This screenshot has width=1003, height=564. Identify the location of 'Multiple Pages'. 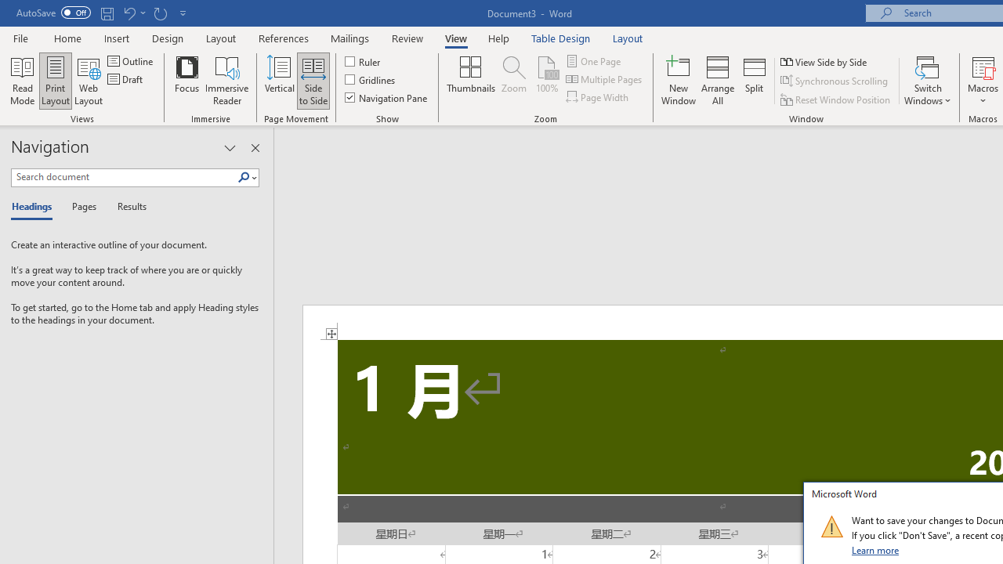
(604, 79).